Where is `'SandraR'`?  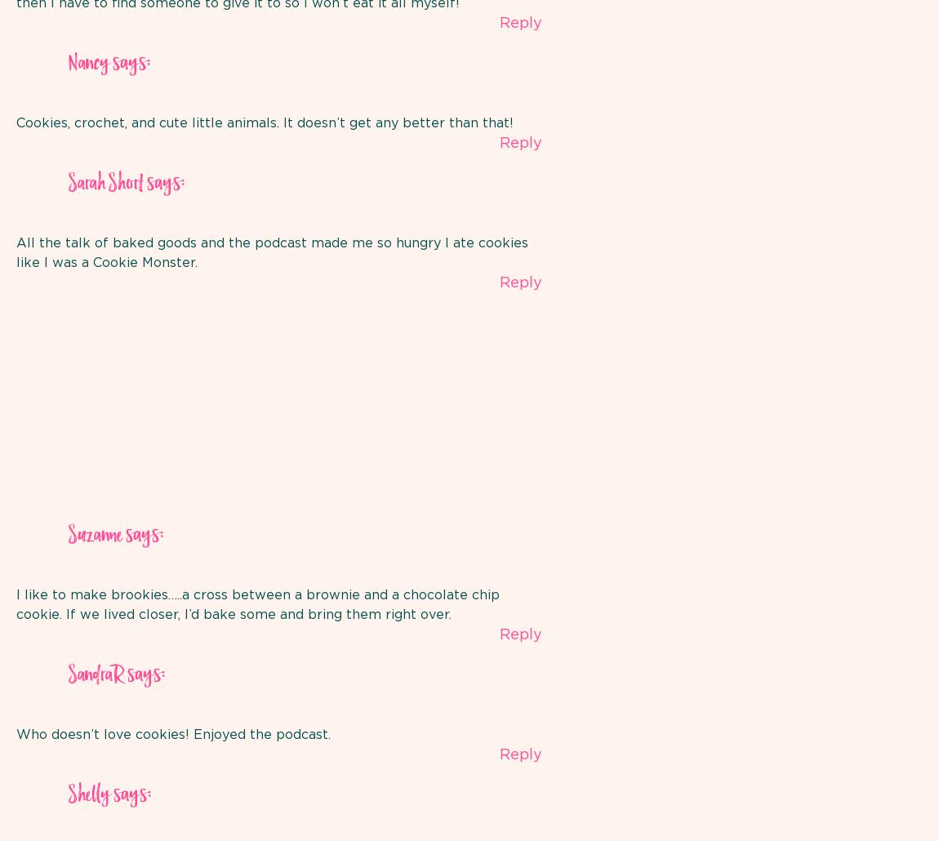 'SandraR' is located at coordinates (95, 674).